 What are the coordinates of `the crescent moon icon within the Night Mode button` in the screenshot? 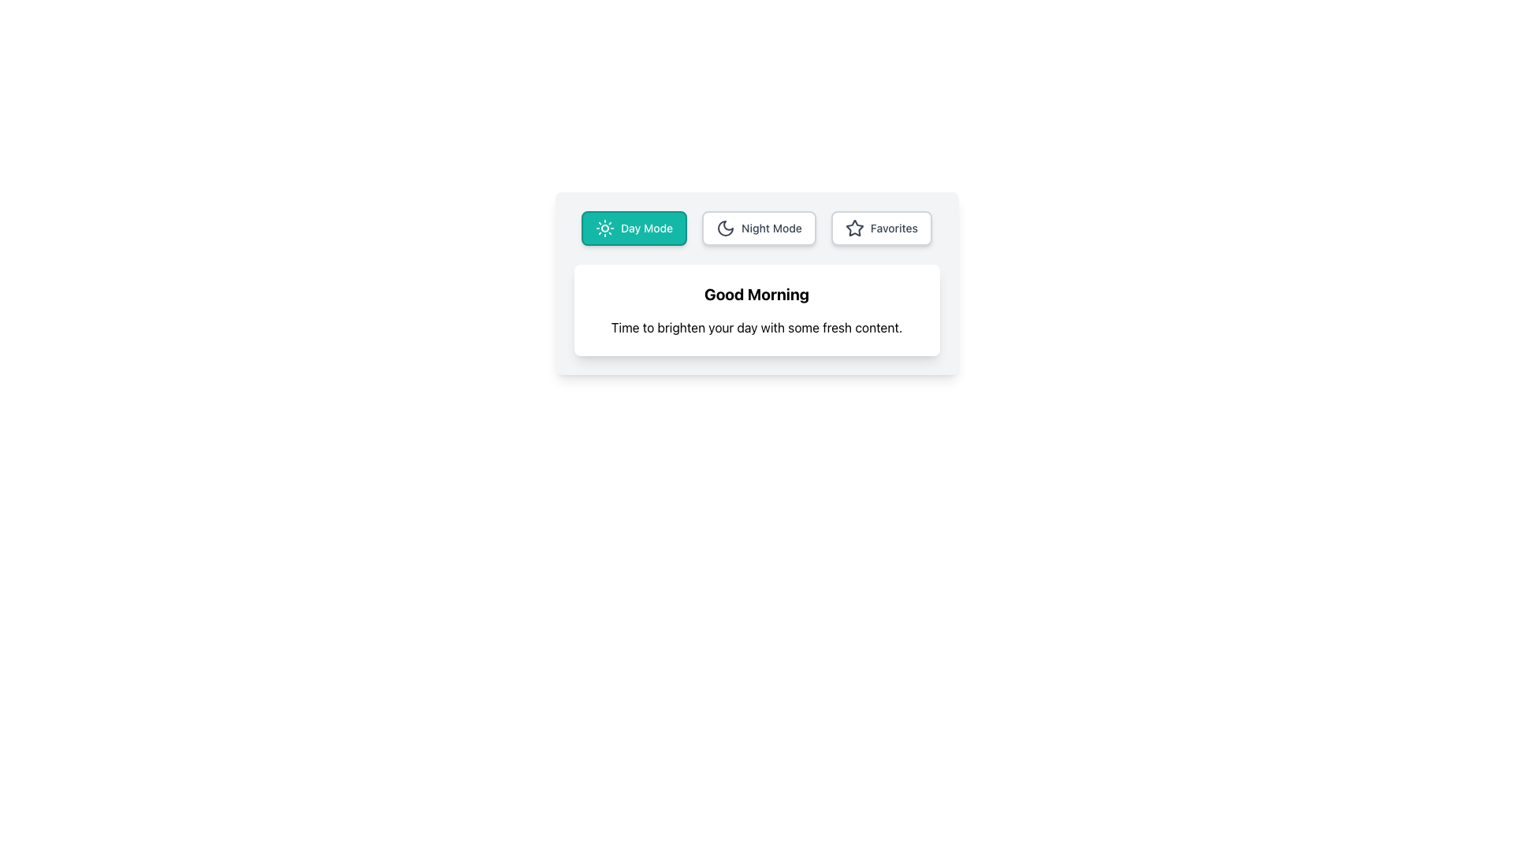 It's located at (725, 228).